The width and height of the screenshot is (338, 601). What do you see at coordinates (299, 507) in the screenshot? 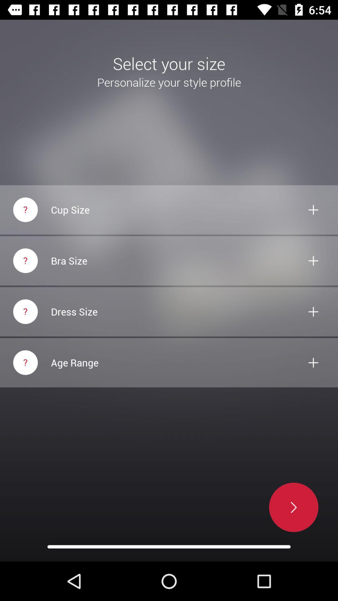
I see `the arrow_forward icon` at bounding box center [299, 507].